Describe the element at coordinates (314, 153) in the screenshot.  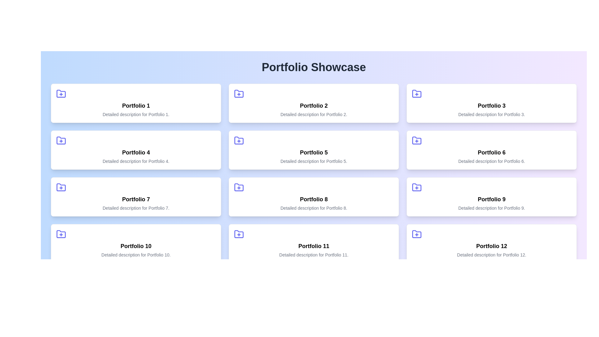
I see `the heading text element that serves as the name or identifier of the portfolio, located in the second row, second column of the grid layout` at that location.